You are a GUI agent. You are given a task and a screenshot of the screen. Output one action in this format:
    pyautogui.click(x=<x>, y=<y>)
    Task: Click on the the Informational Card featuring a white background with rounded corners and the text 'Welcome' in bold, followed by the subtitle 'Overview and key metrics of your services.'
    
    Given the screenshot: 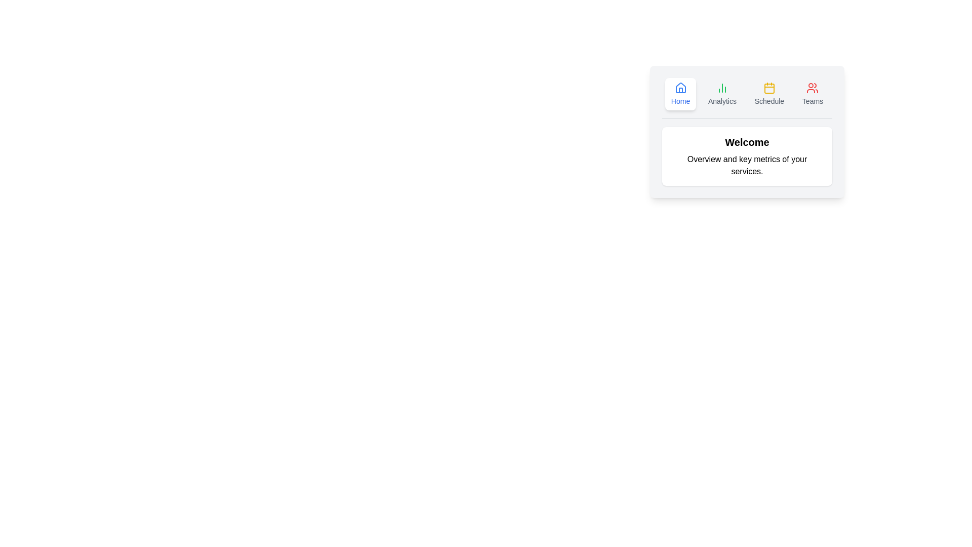 What is the action you would take?
    pyautogui.click(x=747, y=156)
    